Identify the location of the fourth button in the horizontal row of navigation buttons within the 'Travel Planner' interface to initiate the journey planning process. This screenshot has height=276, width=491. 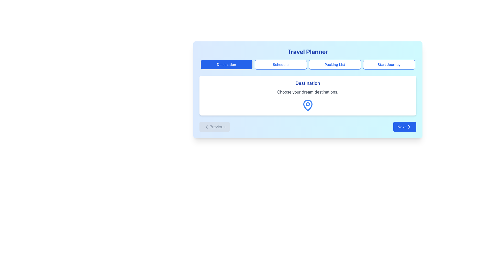
(389, 64).